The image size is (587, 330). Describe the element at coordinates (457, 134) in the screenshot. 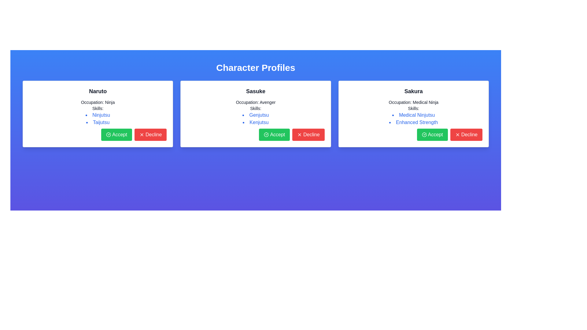

I see `the 'Decline' icon located to the left of the label text within the 'Decline' button at the bottom-right corner of the 'Sakura' card` at that location.